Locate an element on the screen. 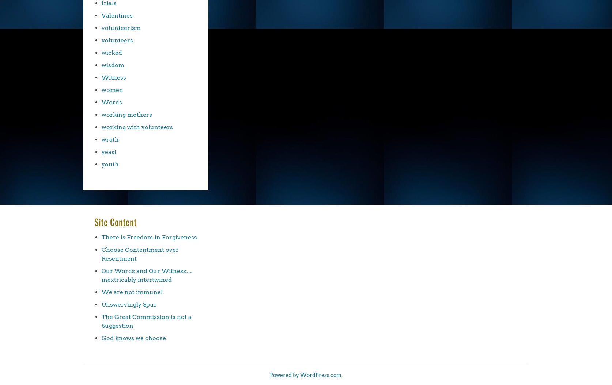  'The Great Commission is not a Suggestion' is located at coordinates (146, 321).